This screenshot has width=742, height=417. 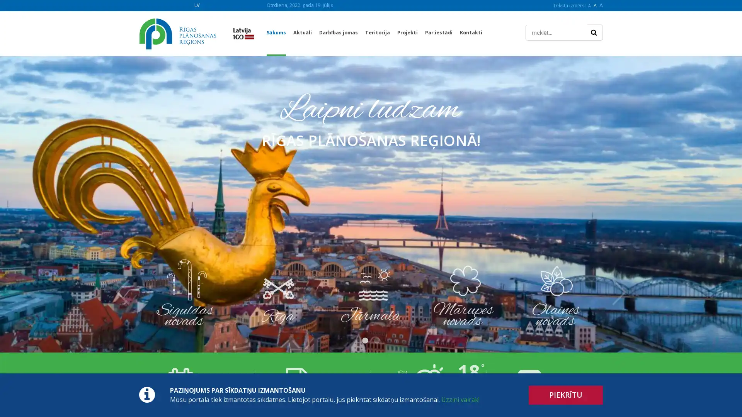 What do you see at coordinates (566, 395) in the screenshot?
I see `PIEKRITU` at bounding box center [566, 395].